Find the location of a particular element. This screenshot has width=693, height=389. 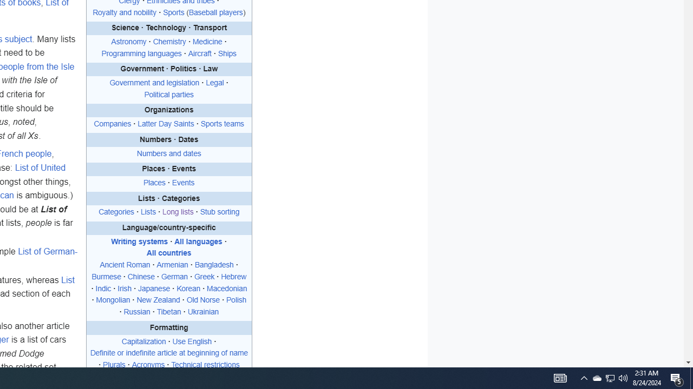

'Lists' is located at coordinates (147, 212).